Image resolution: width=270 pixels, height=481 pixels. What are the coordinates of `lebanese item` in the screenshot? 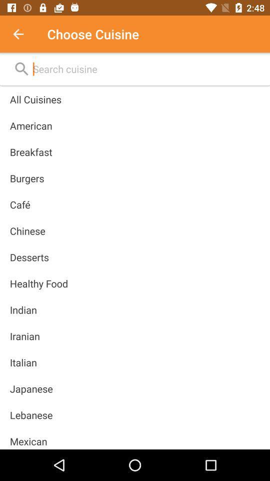 It's located at (31, 415).